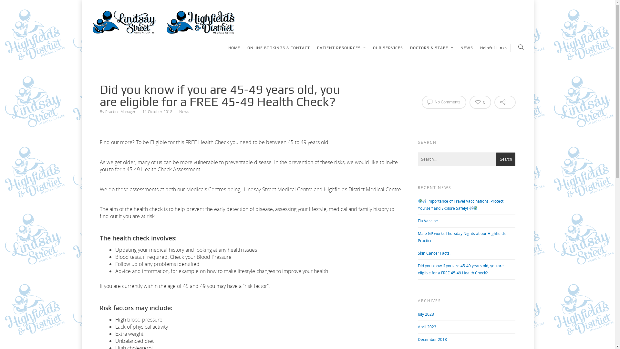  Describe the element at coordinates (233, 52) in the screenshot. I see `'HOME'` at that location.